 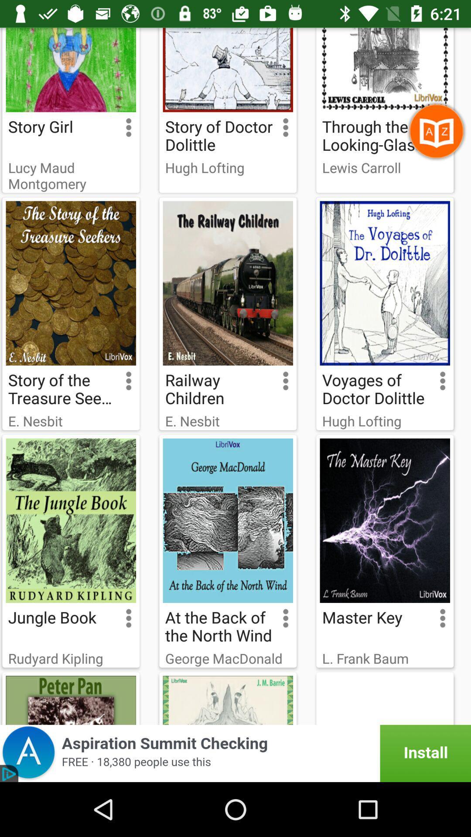 I want to click on the option button which is righht hand side of railway children, so click(x=267, y=386).